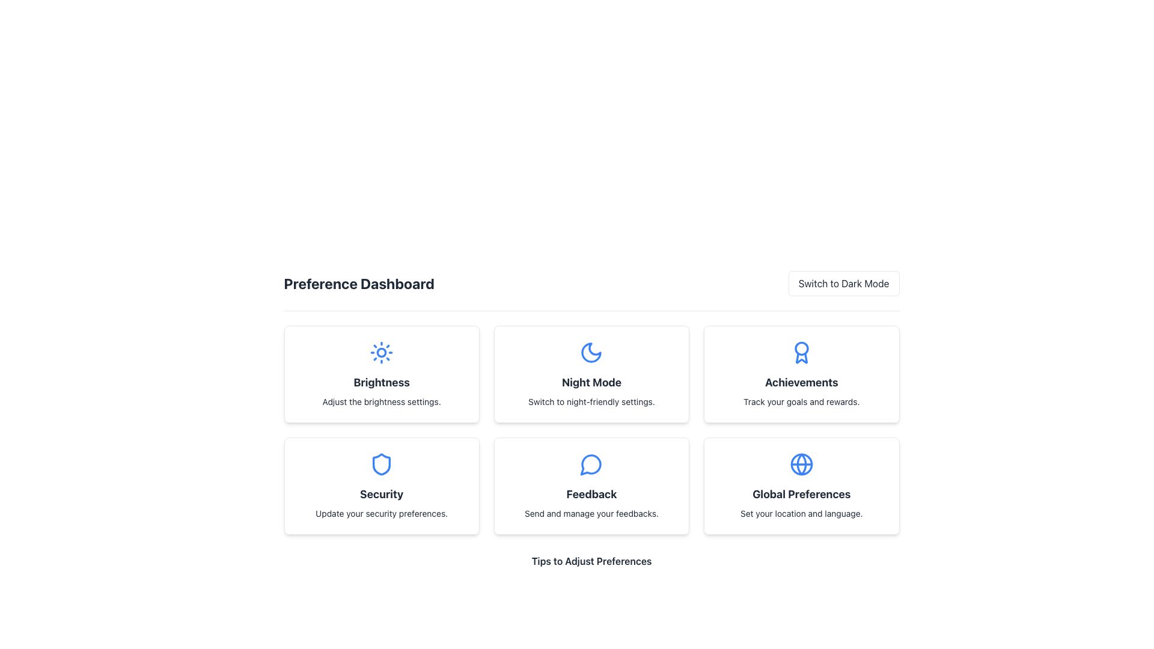 This screenshot has width=1154, height=649. Describe the element at coordinates (801, 374) in the screenshot. I see `the 'Achievements' card in the grid of options` at that location.